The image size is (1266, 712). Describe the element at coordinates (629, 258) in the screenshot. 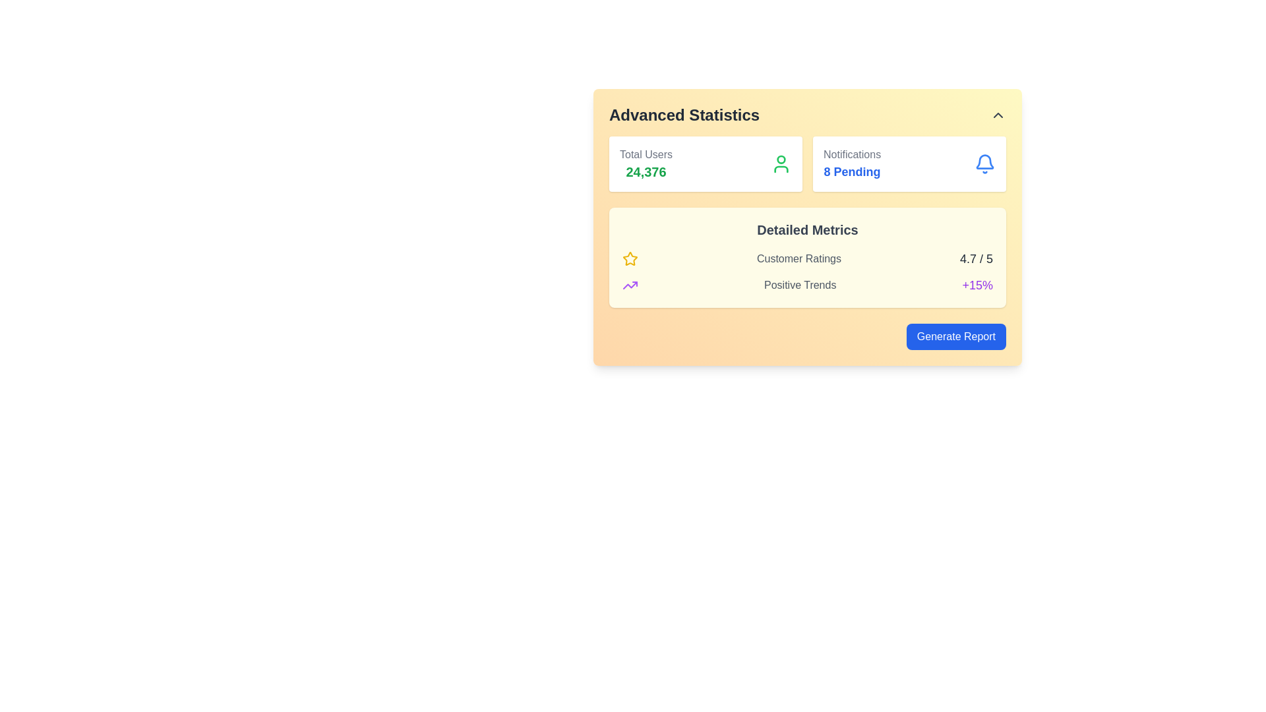

I see `the yellow star icon with a hollow center located in the 'Detailed Metrics' section of the 'Advanced Statistics' card, next to 'Customer Ratings'` at that location.